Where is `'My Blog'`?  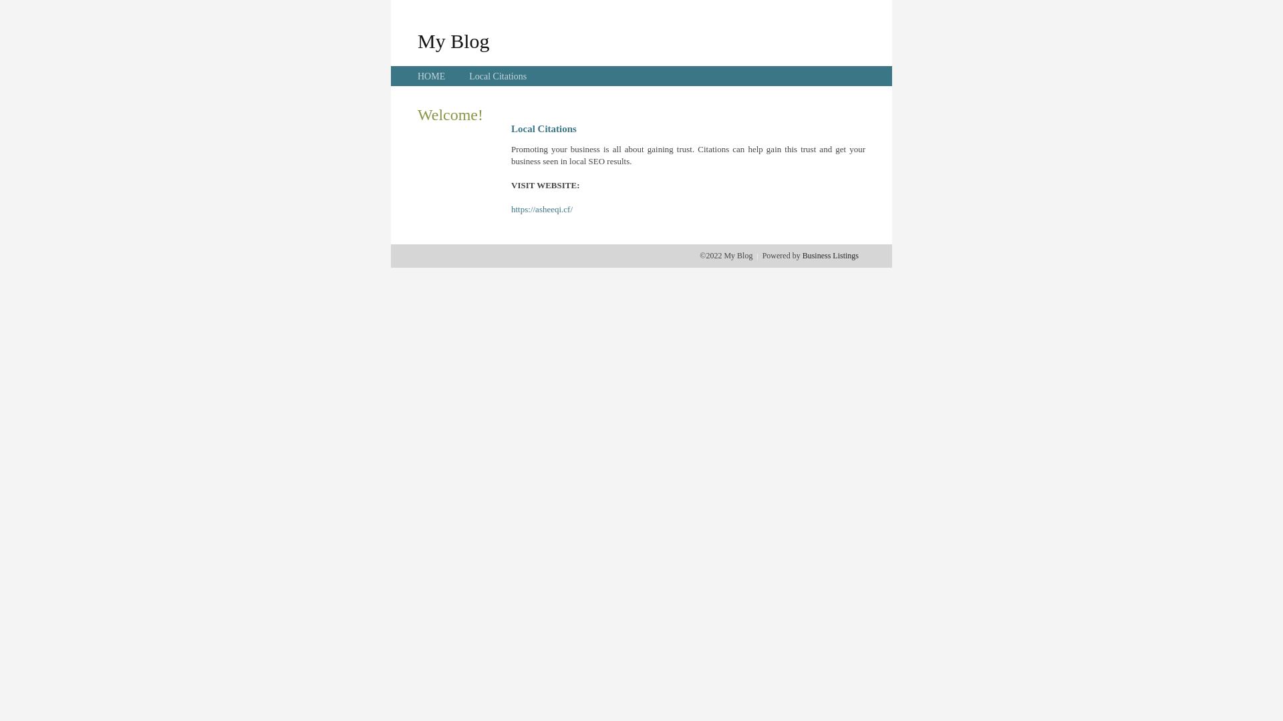
'My Blog' is located at coordinates (416, 40).